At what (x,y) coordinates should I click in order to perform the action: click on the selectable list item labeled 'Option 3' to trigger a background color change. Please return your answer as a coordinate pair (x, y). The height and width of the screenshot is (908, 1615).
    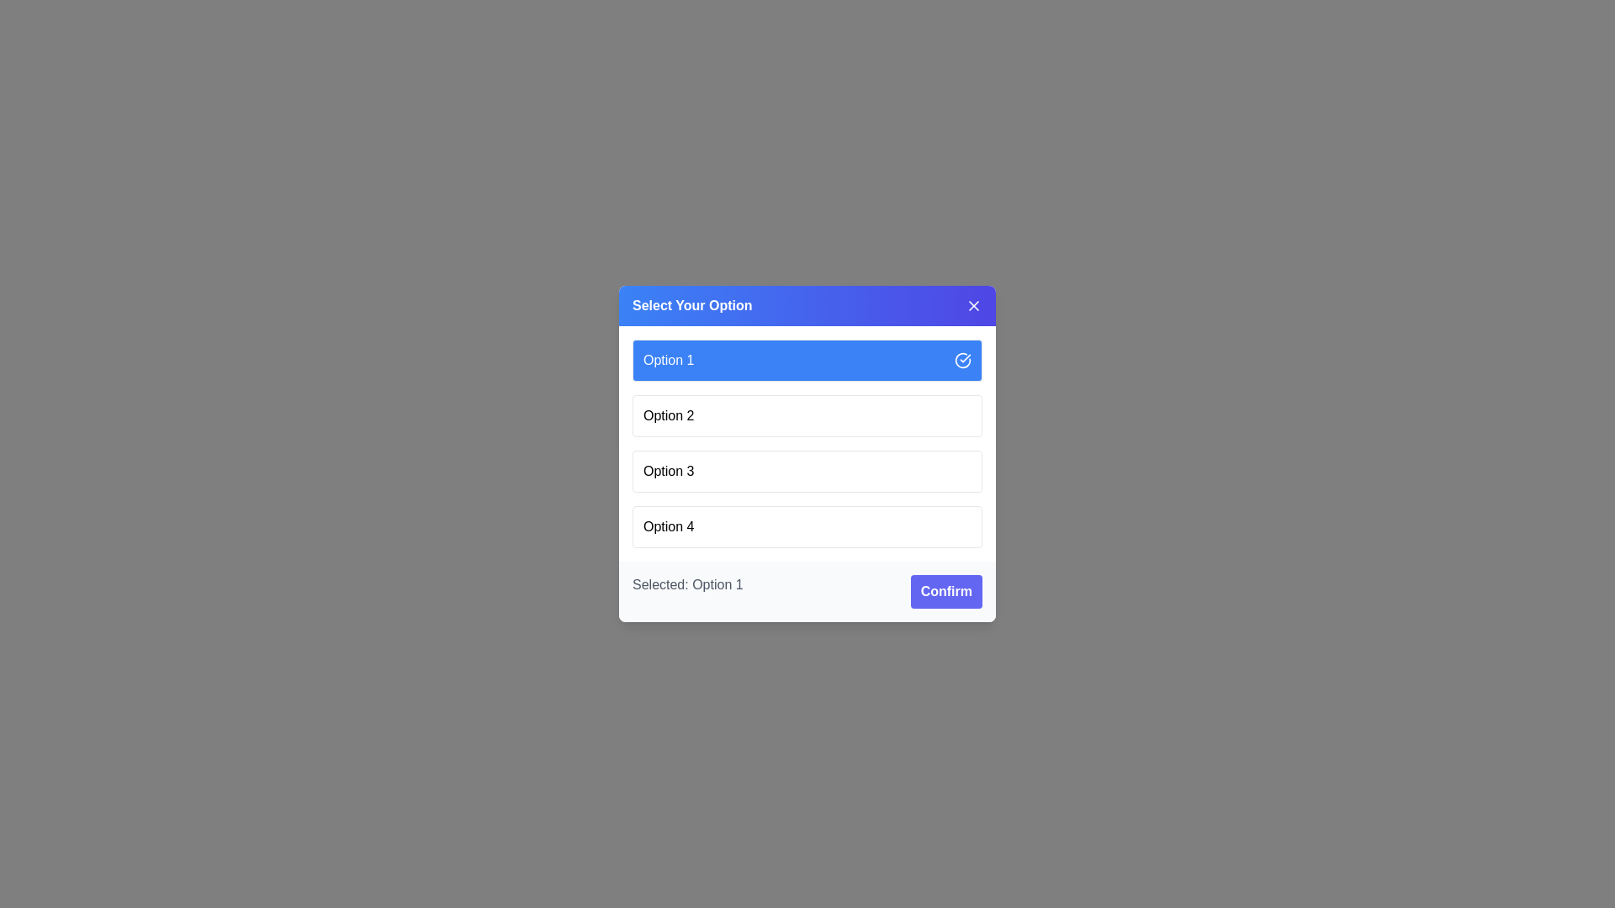
    Looking at the image, I should click on (807, 471).